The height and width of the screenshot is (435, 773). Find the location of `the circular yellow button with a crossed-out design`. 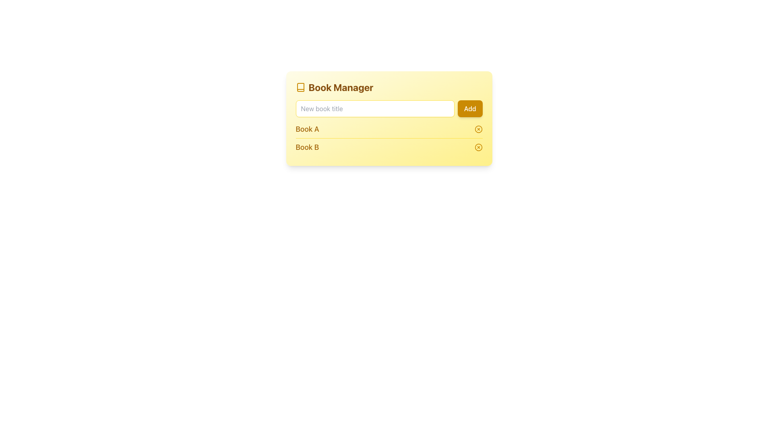

the circular yellow button with a crossed-out design is located at coordinates (478, 147).